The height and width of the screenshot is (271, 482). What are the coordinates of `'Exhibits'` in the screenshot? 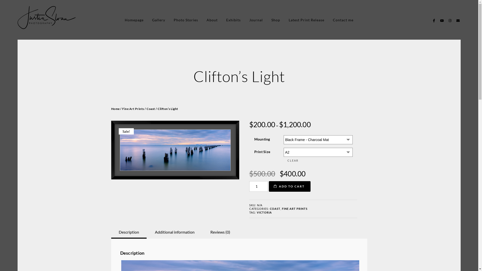 It's located at (233, 20).